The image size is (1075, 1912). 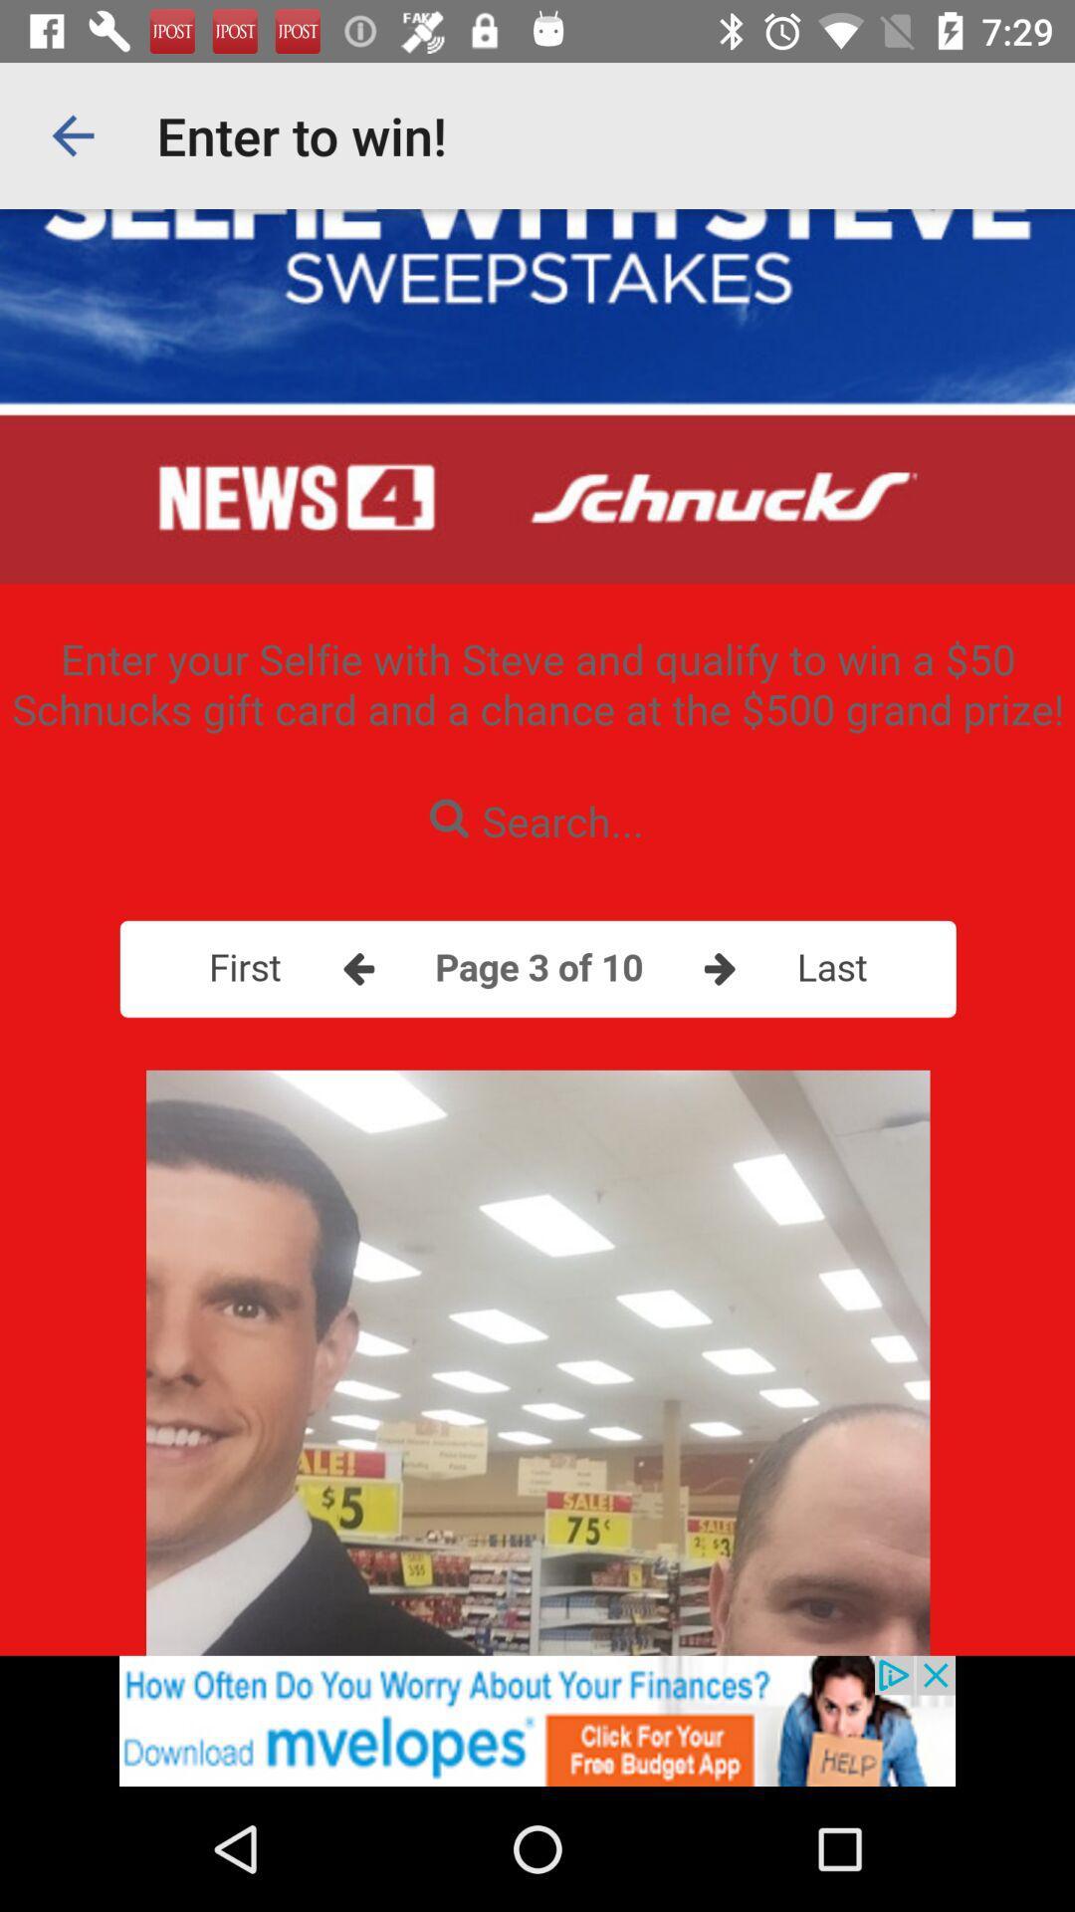 I want to click on advertisement page, so click(x=537, y=1720).